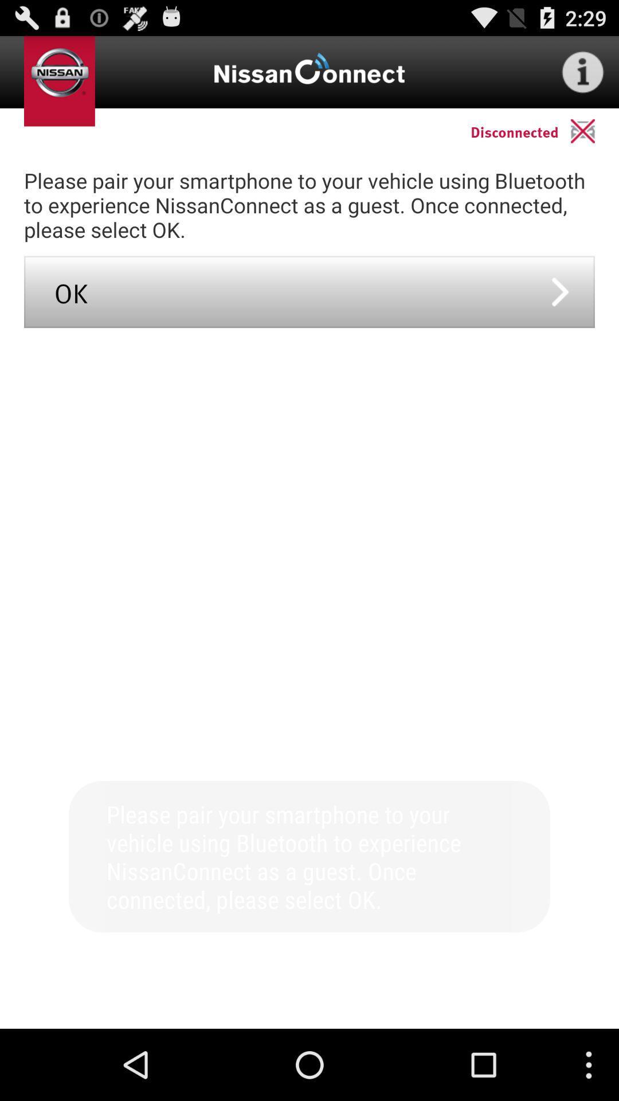 Image resolution: width=619 pixels, height=1101 pixels. Describe the element at coordinates (594, 131) in the screenshot. I see `app to the right of the disconnected icon` at that location.